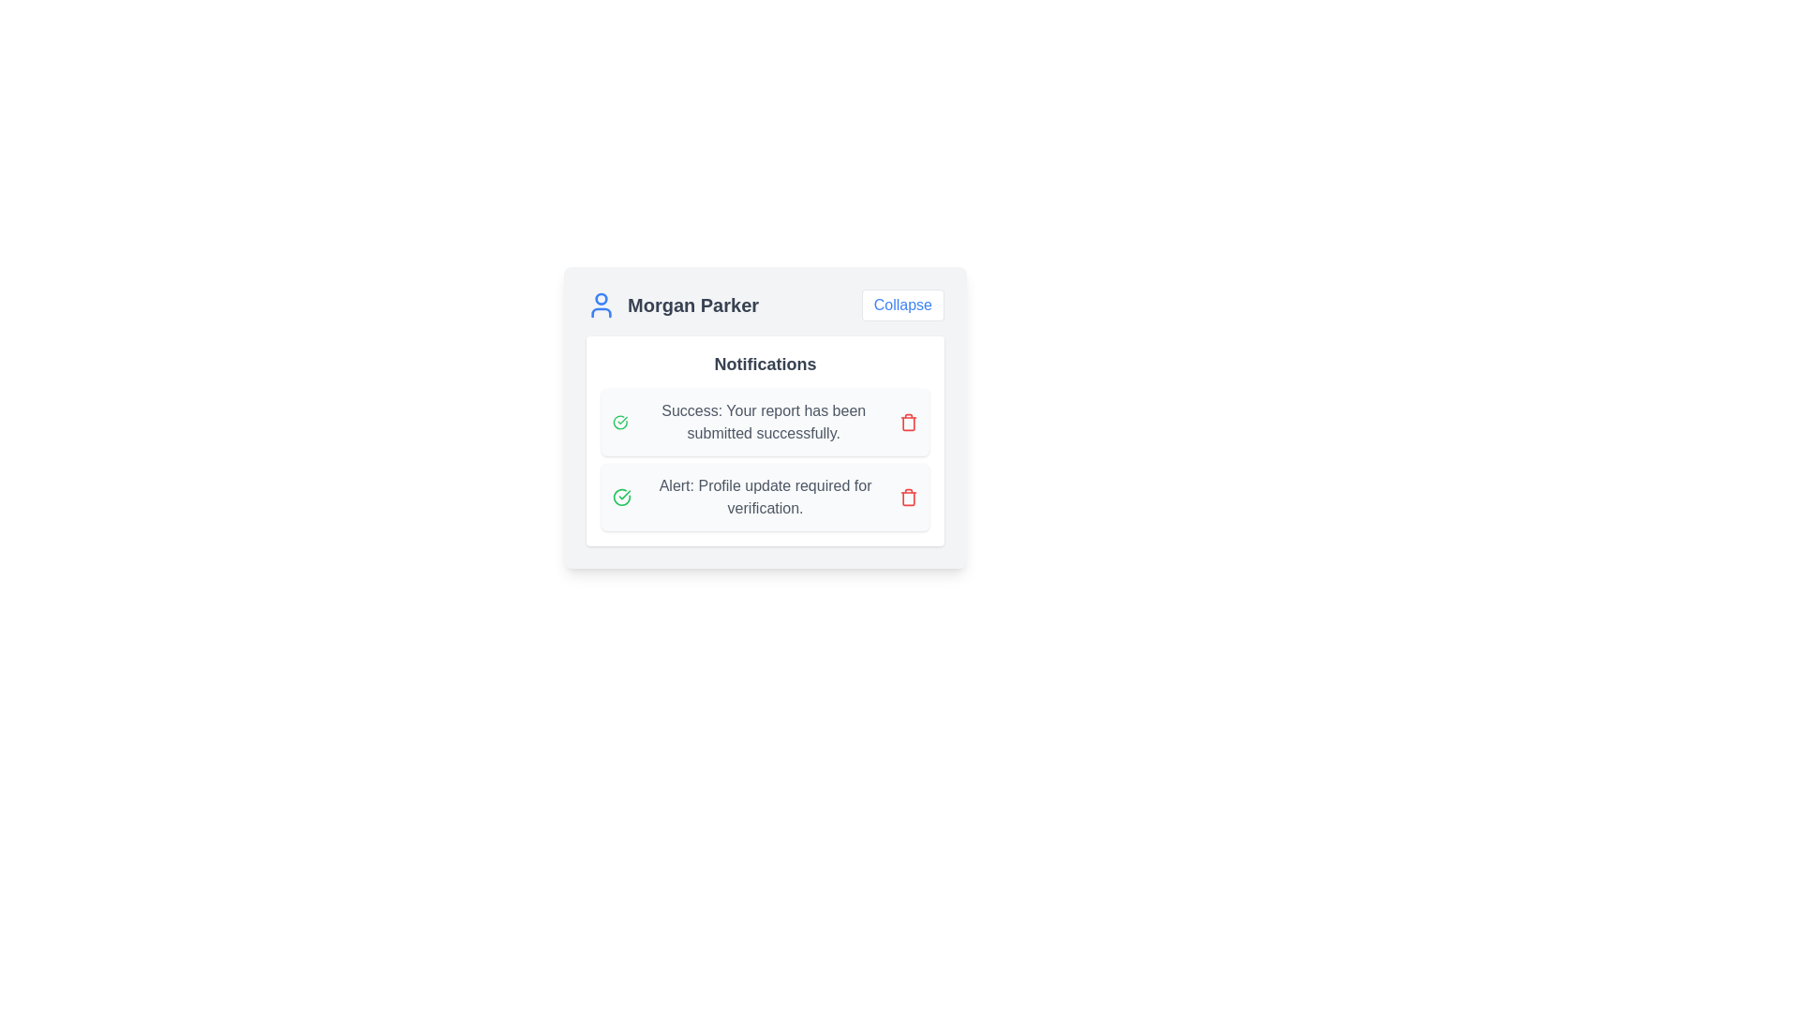 This screenshot has height=1012, width=1799. What do you see at coordinates (908, 423) in the screenshot?
I see `the red trash can icon button located in the upper notification section` at bounding box center [908, 423].